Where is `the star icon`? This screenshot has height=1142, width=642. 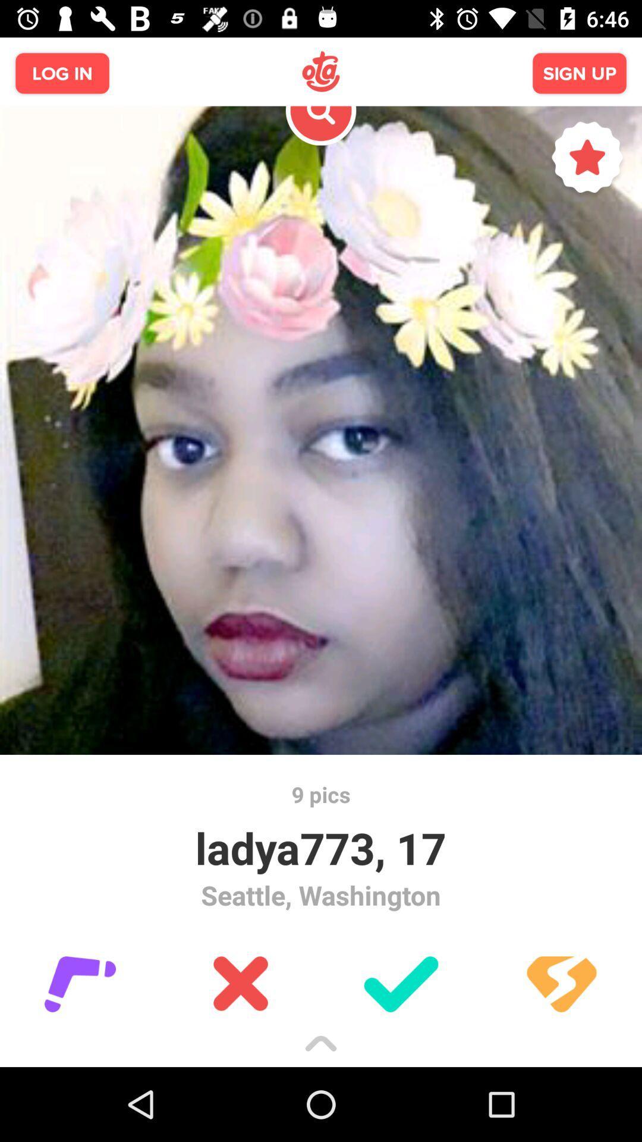
the star icon is located at coordinates (587, 160).